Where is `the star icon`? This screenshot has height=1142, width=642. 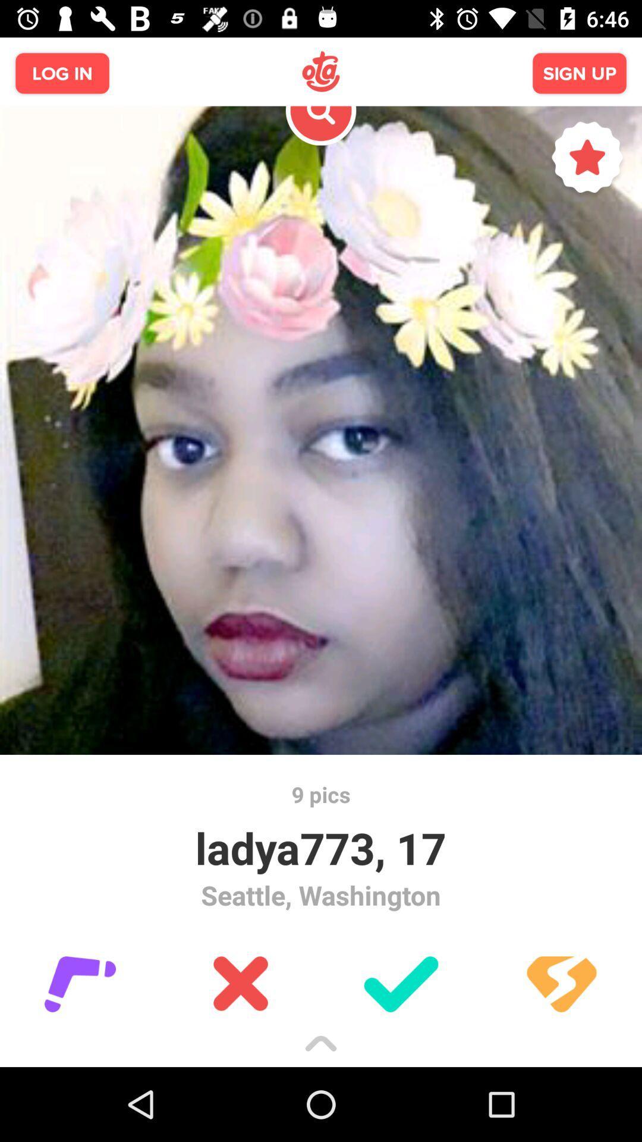
the star icon is located at coordinates (587, 160).